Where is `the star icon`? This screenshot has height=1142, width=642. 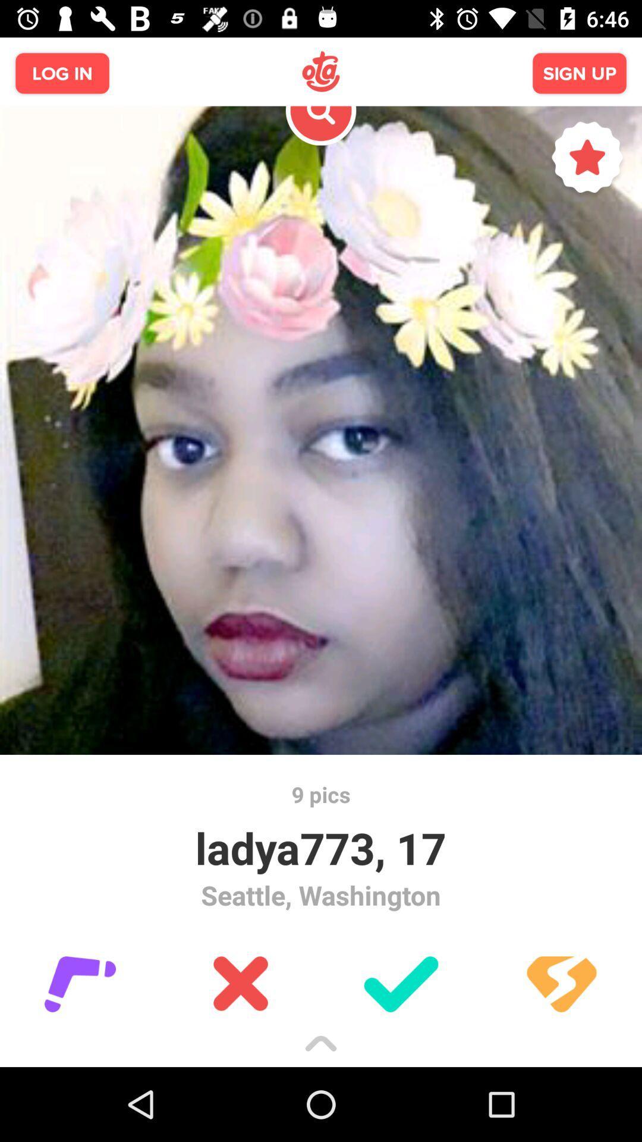
the star icon is located at coordinates (587, 160).